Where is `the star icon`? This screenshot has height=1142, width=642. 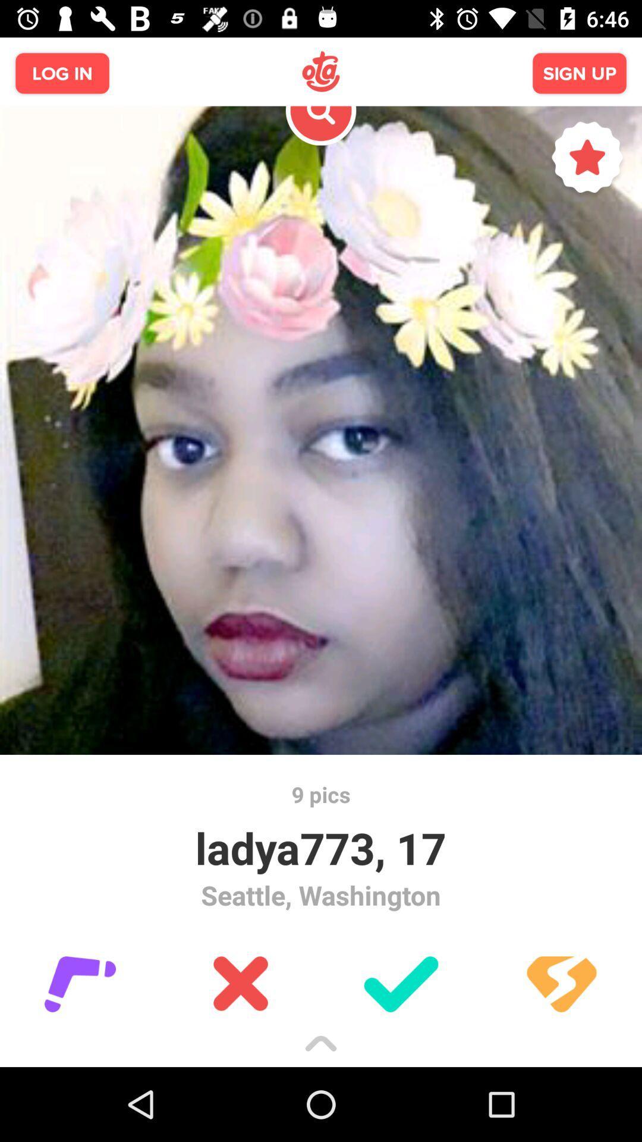
the star icon is located at coordinates (587, 160).